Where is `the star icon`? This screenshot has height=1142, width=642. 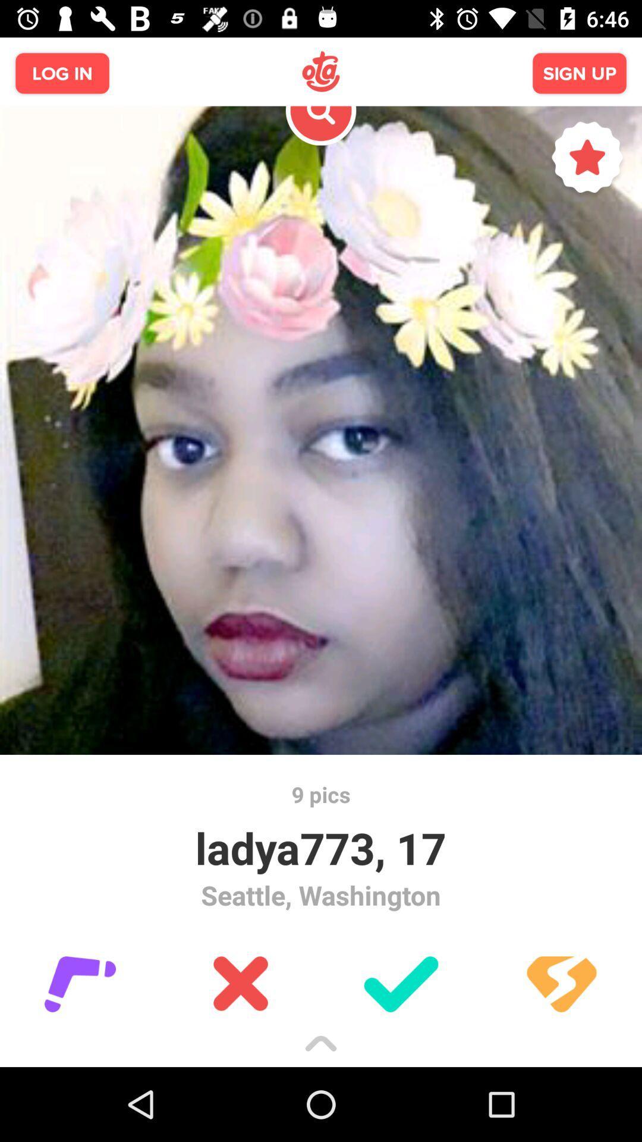
the star icon is located at coordinates (587, 160).